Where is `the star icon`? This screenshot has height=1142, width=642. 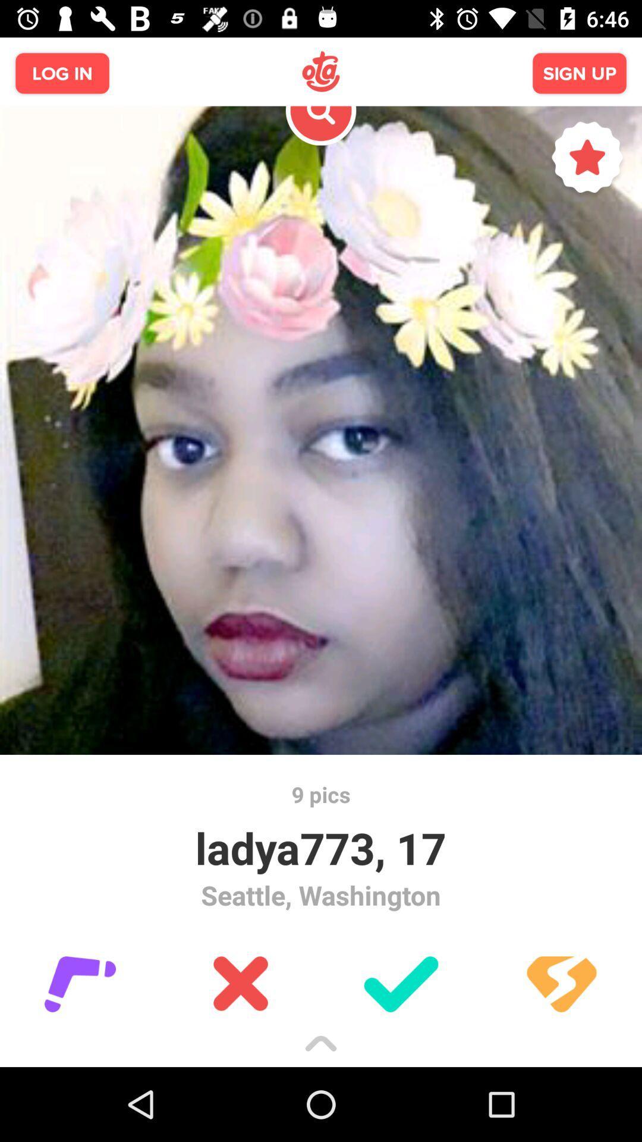
the star icon is located at coordinates (587, 160).